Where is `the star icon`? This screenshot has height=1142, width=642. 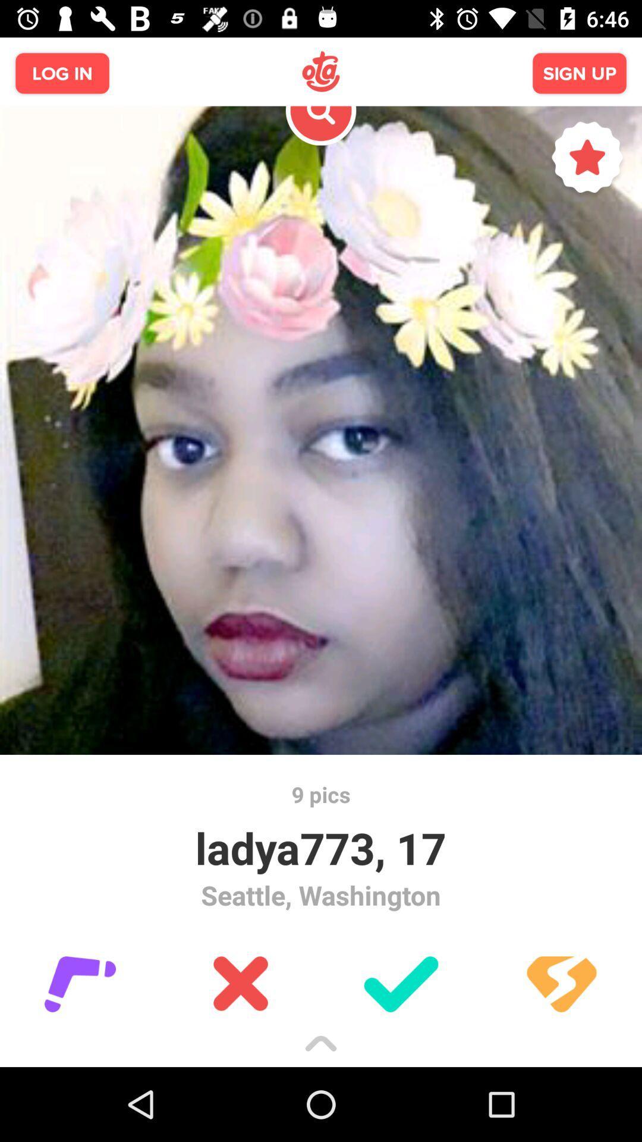
the star icon is located at coordinates (587, 160).